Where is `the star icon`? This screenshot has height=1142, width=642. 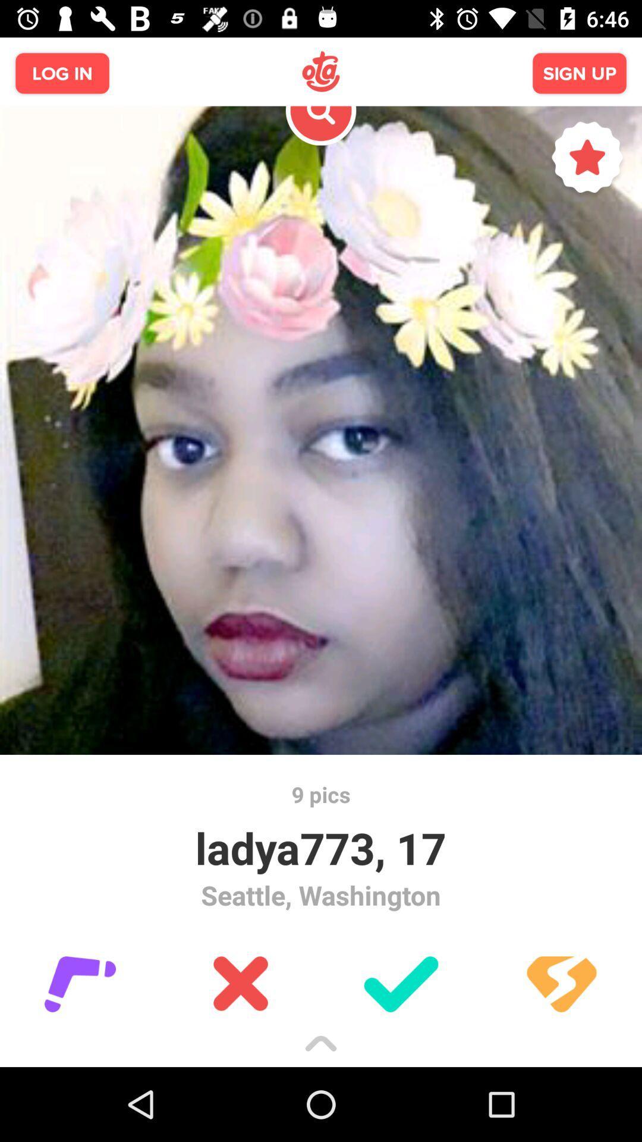
the star icon is located at coordinates (587, 160).